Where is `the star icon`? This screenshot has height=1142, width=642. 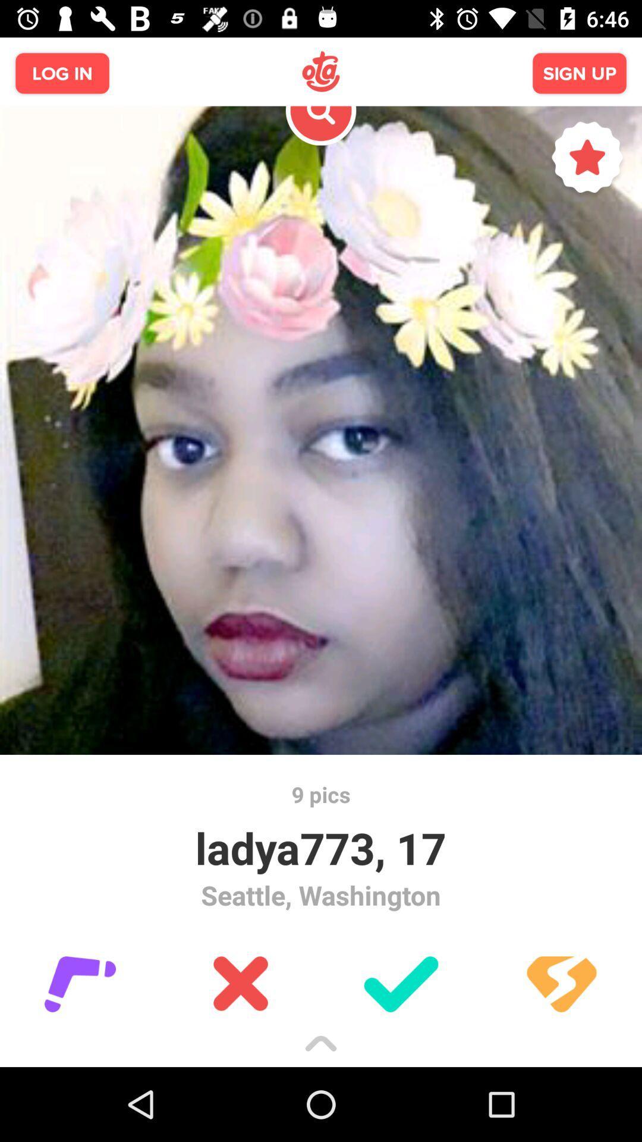
the star icon is located at coordinates (587, 160).